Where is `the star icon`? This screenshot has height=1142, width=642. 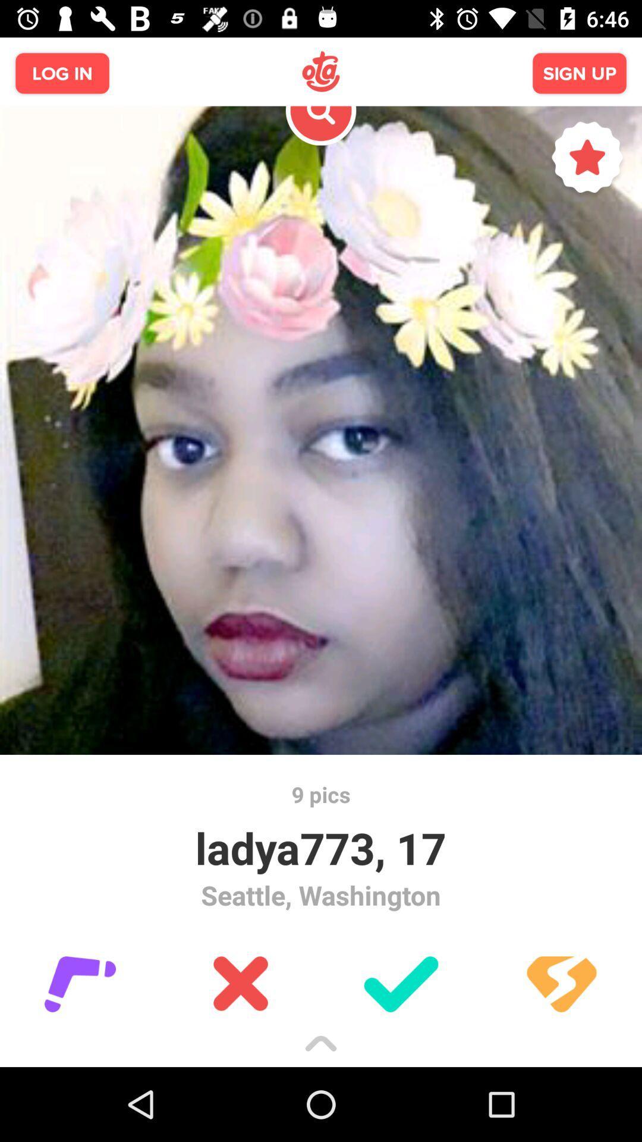
the star icon is located at coordinates (587, 160).